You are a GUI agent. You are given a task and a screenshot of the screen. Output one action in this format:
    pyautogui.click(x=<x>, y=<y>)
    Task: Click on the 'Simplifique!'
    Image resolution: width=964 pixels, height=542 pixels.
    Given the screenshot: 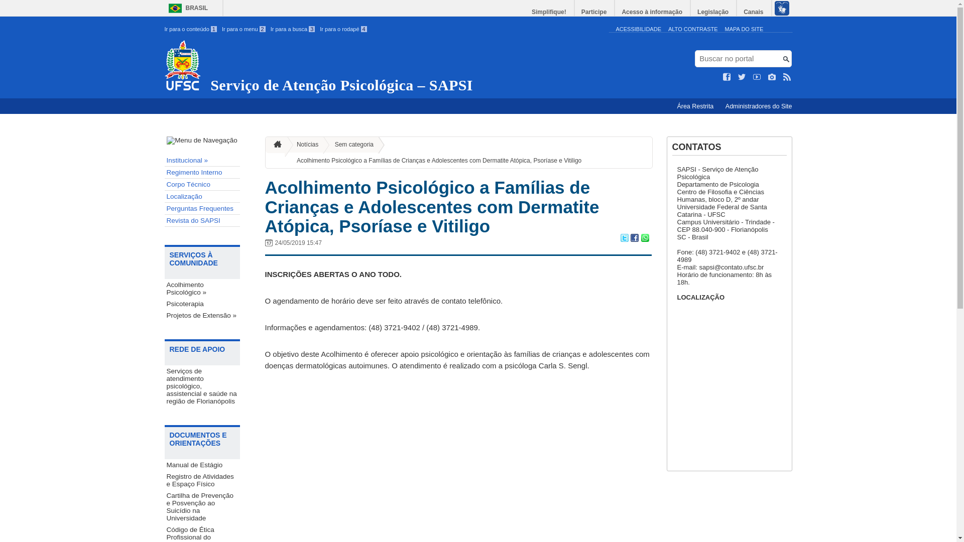 What is the action you would take?
    pyautogui.click(x=549, y=12)
    